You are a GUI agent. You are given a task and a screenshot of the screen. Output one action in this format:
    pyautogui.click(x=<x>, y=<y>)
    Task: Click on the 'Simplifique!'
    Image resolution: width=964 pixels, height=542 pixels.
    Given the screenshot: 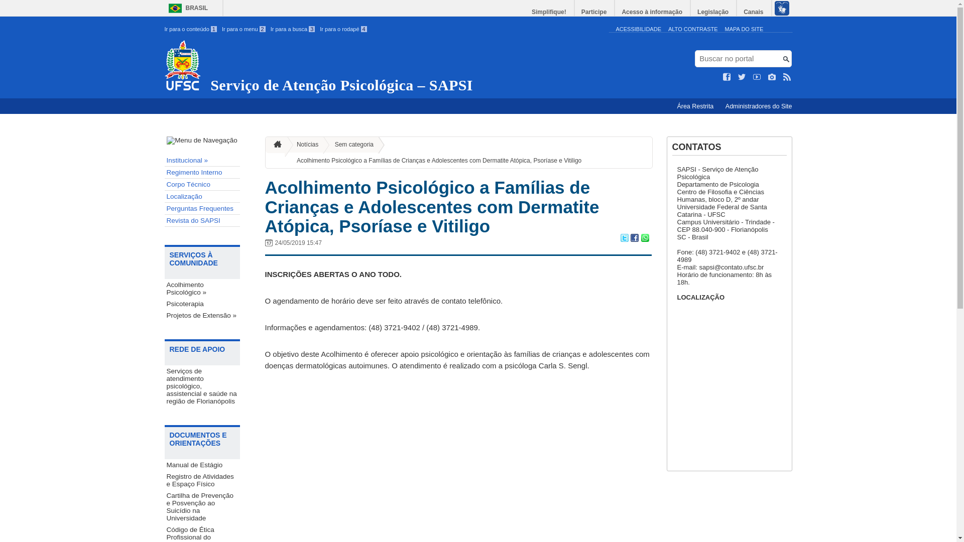 What is the action you would take?
    pyautogui.click(x=549, y=12)
    